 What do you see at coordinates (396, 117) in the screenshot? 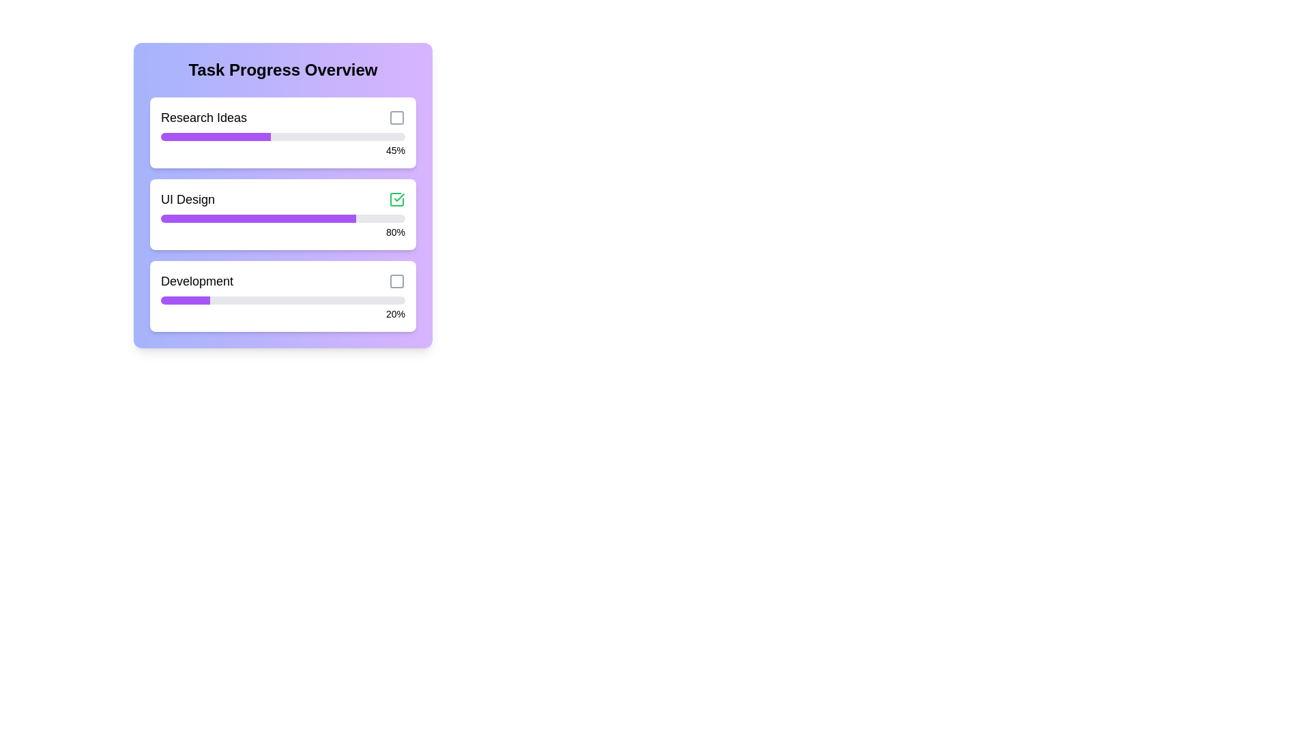
I see `the checkbox located` at bounding box center [396, 117].